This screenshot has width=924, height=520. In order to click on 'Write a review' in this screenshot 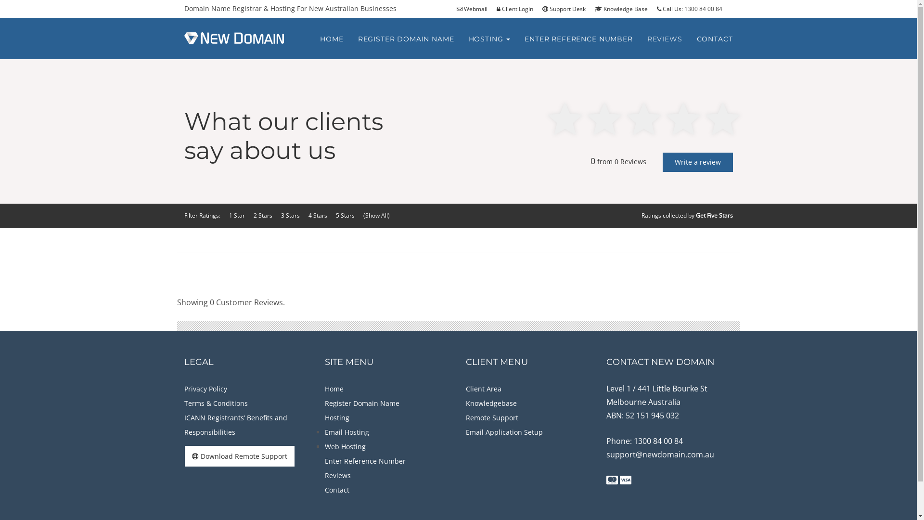, I will do `click(697, 161)`.